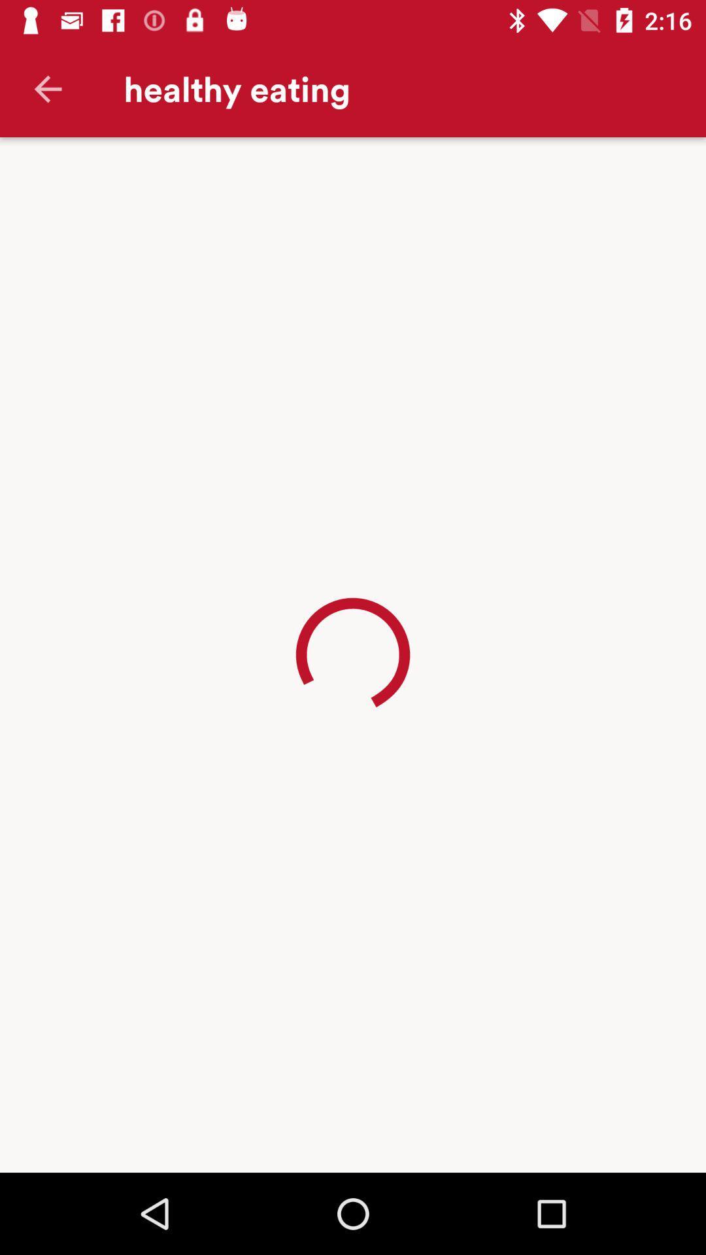 The width and height of the screenshot is (706, 1255). I want to click on icon at the top left corner, so click(47, 88).